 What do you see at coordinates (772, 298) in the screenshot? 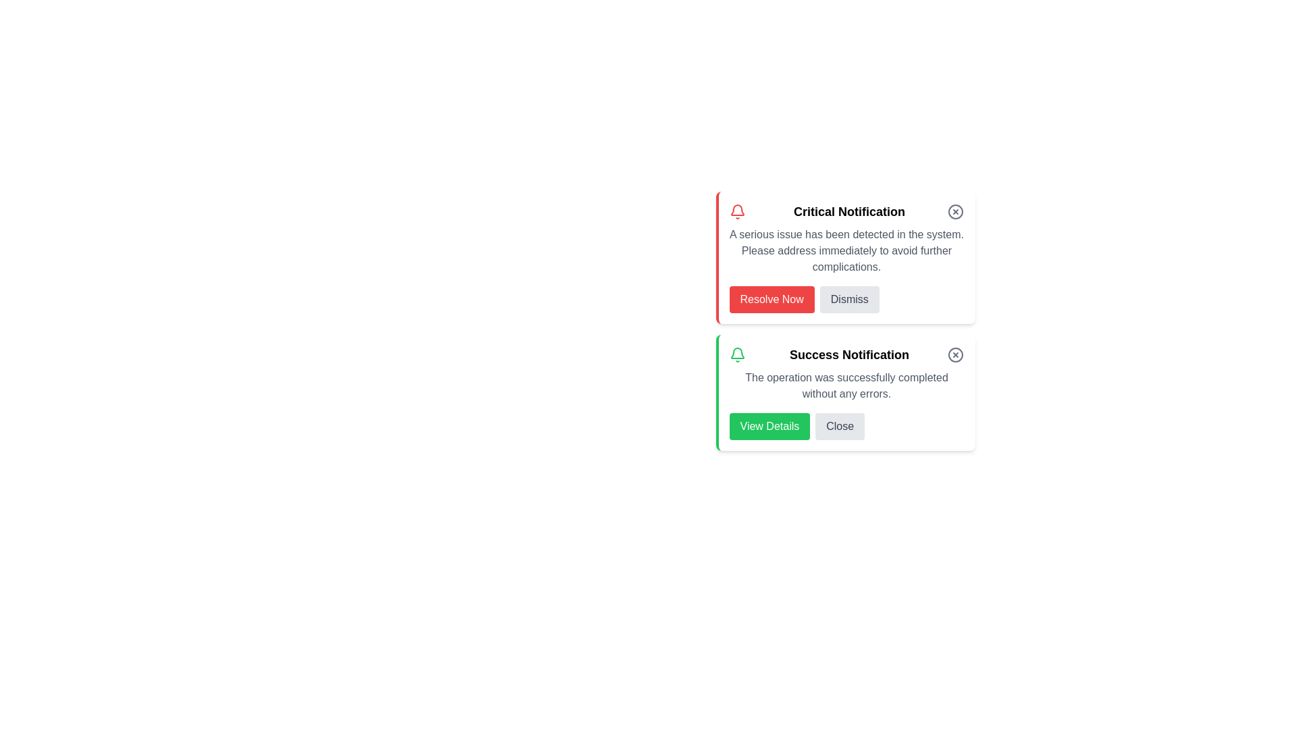
I see `the red rectangular button labeled 'Resolve Now'` at bounding box center [772, 298].